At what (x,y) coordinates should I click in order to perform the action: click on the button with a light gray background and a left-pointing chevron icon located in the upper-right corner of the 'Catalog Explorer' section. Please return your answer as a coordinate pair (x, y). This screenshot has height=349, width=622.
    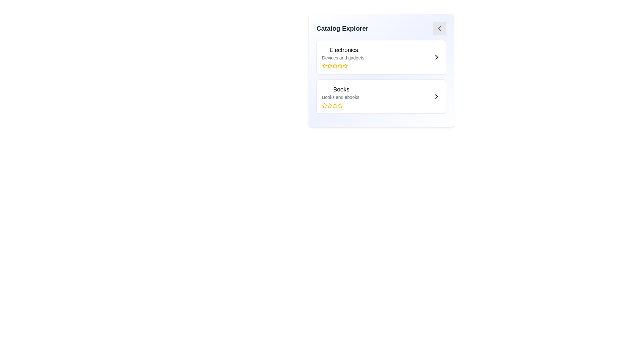
    Looking at the image, I should click on (440, 28).